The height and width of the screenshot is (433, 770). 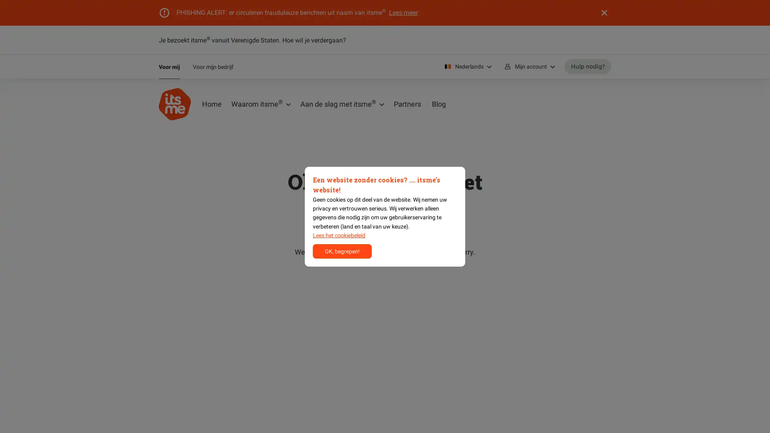 I want to click on Sluit notificatie, so click(x=604, y=12).